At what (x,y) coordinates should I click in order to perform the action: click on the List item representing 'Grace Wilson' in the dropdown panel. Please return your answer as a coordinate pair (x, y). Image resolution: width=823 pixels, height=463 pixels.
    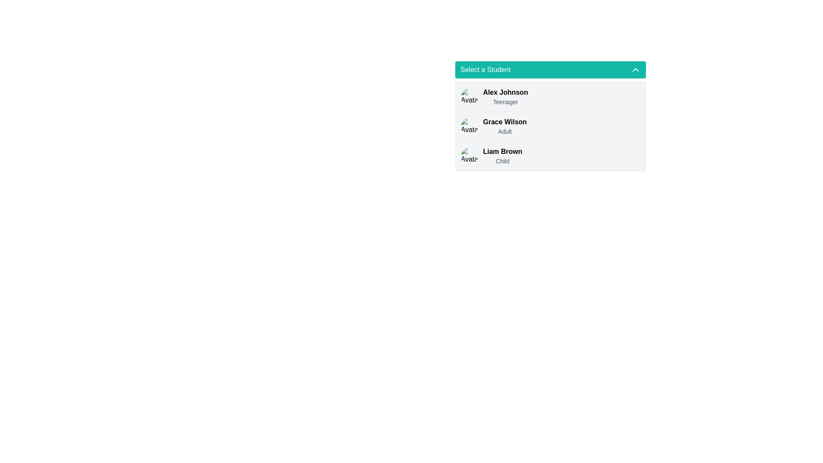
    Looking at the image, I should click on (550, 126).